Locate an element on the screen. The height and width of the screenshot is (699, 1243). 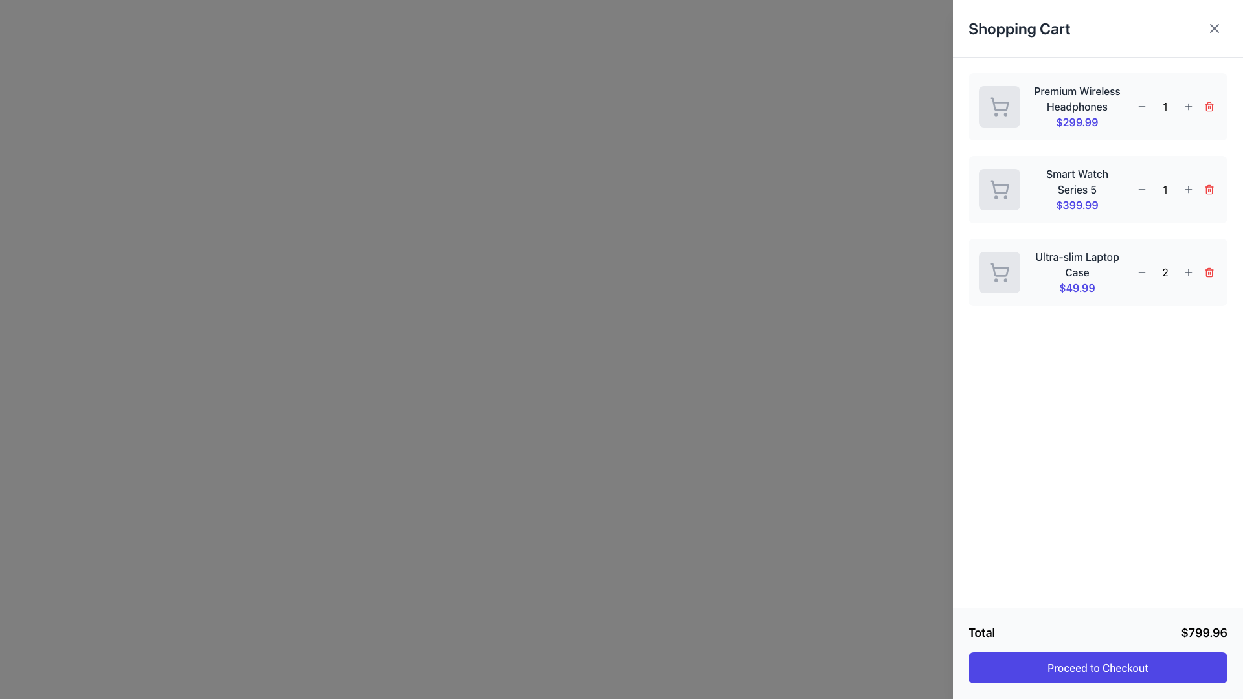
the increment button is located at coordinates (1189, 106).